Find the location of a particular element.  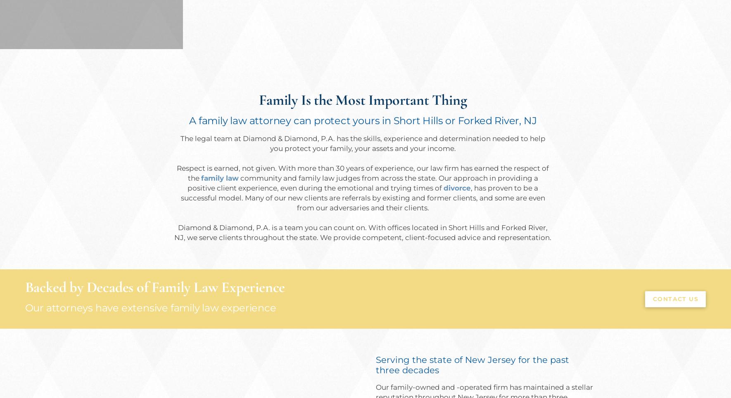

'family law' is located at coordinates (219, 178).